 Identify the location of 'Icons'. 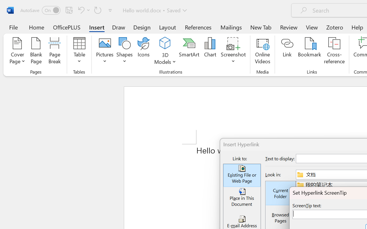
(144, 51).